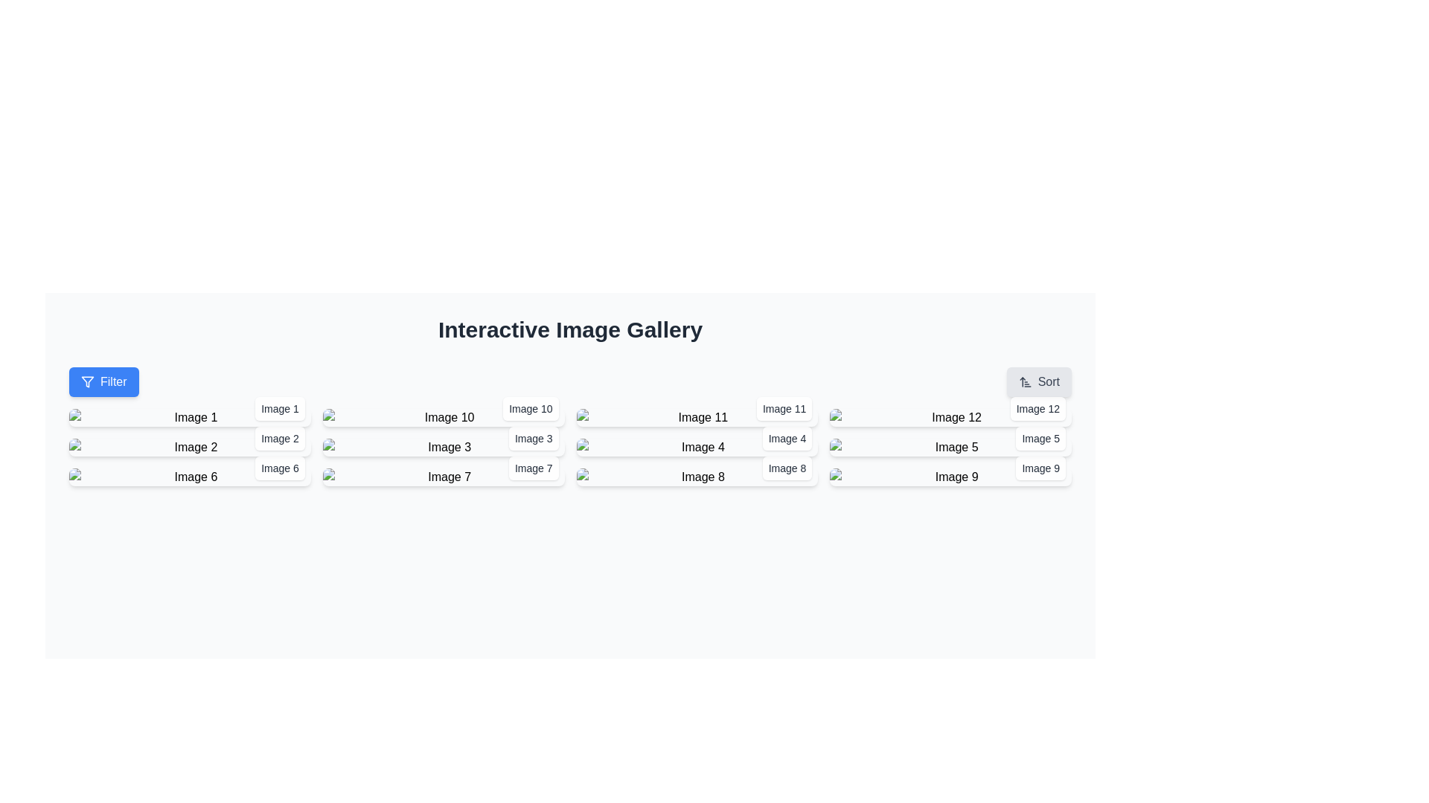  Describe the element at coordinates (1040, 467) in the screenshot. I see `displayed text 'Image 9' from the text display in the bottom-right corner of the box` at that location.